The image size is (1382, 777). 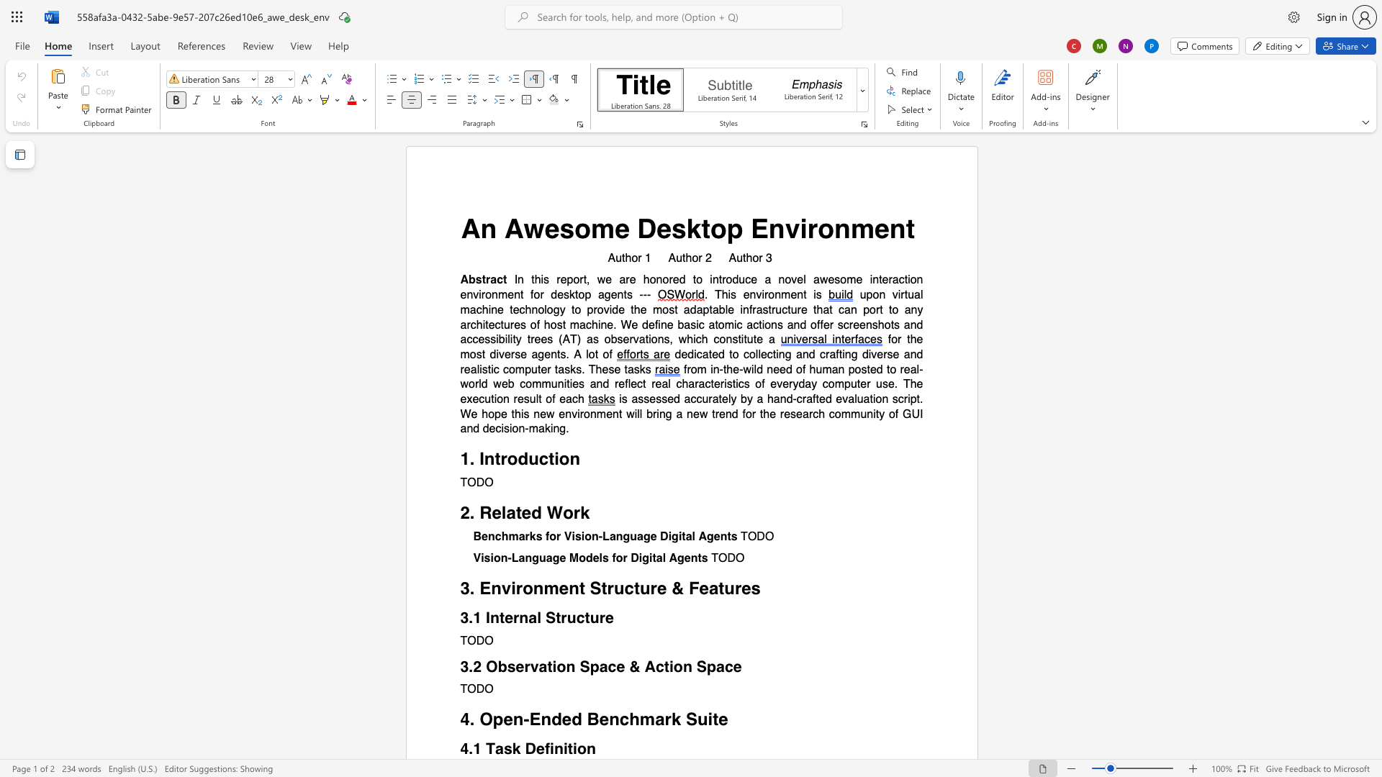 I want to click on the subset text "is" within the text ". This environment is", so click(x=813, y=294).